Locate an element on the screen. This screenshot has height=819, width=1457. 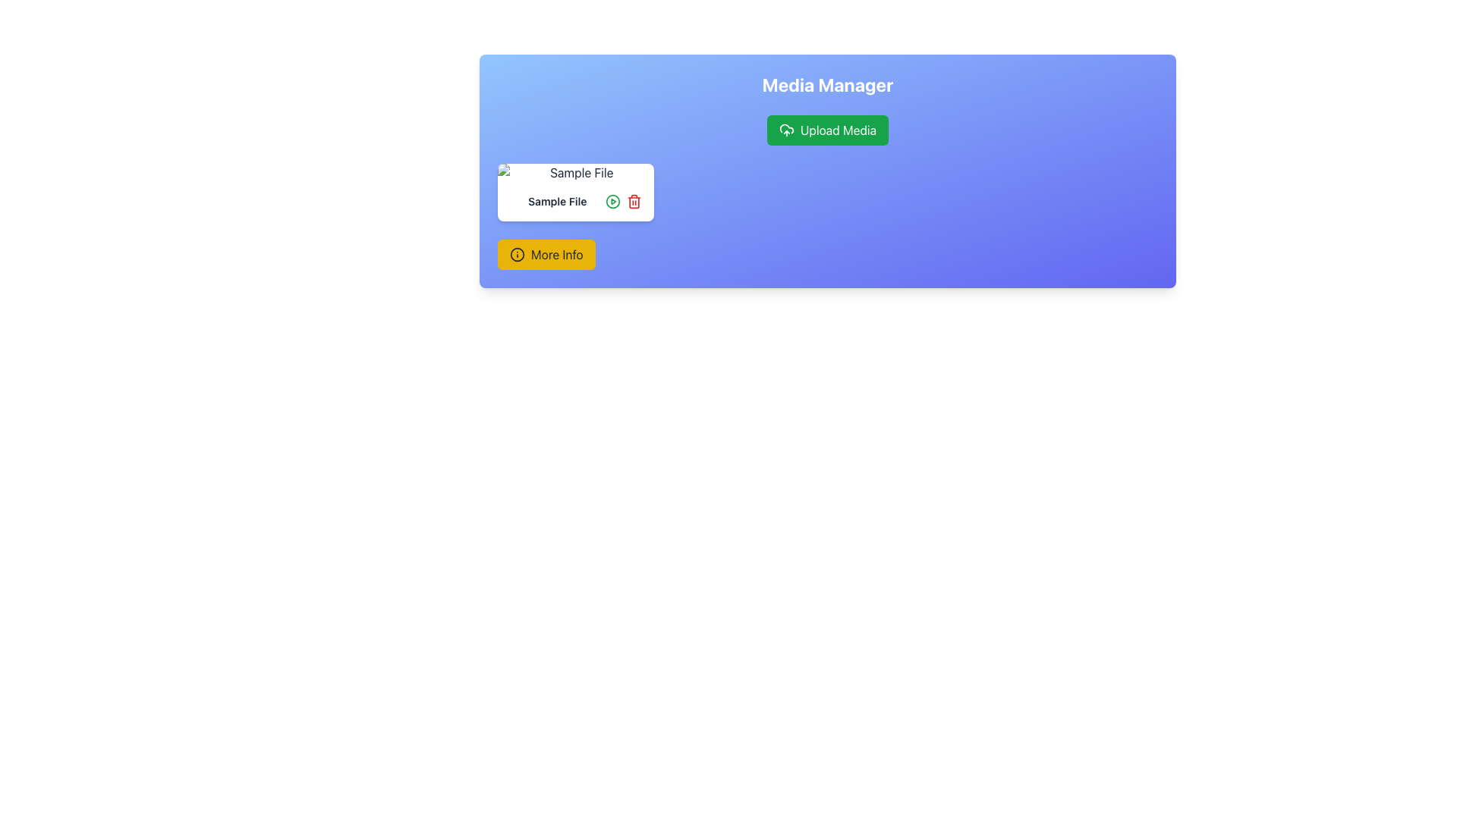
the upload button located below the 'Media Manager' title to initiate the upload process is located at coordinates (826, 130).